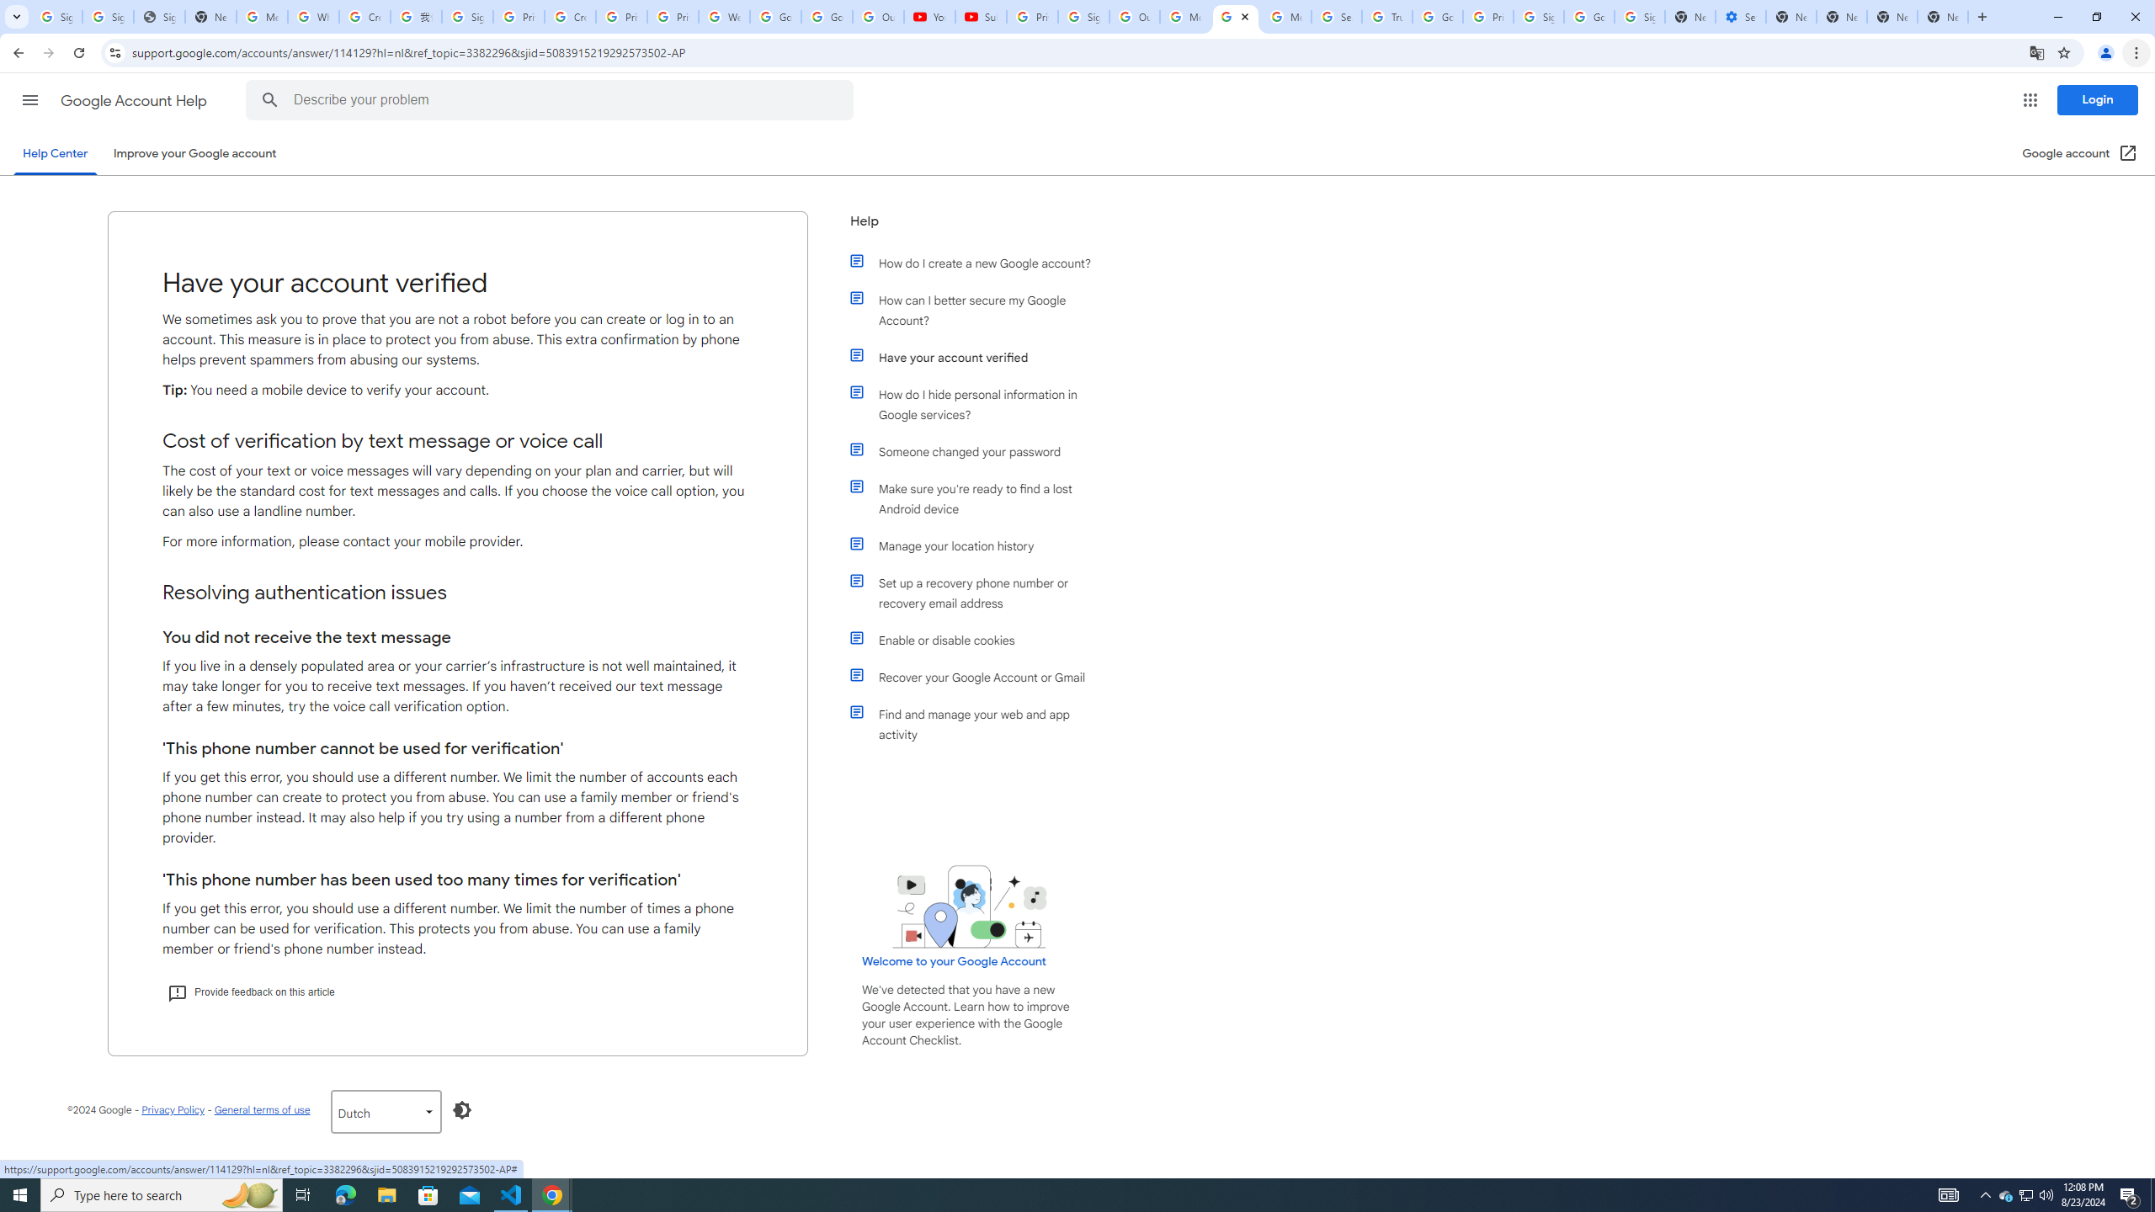 The image size is (2155, 1212). Describe the element at coordinates (462, 1109) in the screenshot. I see `'Enable dark mode'` at that location.